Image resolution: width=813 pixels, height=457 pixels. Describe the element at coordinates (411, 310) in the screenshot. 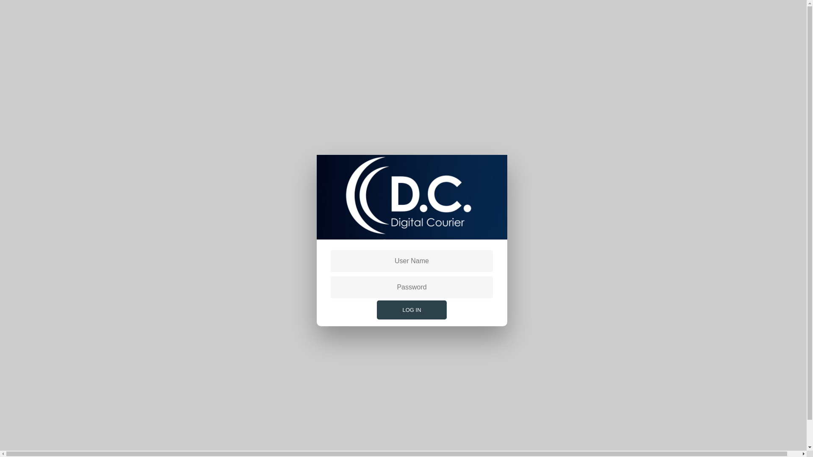

I see `'Log In'` at that location.